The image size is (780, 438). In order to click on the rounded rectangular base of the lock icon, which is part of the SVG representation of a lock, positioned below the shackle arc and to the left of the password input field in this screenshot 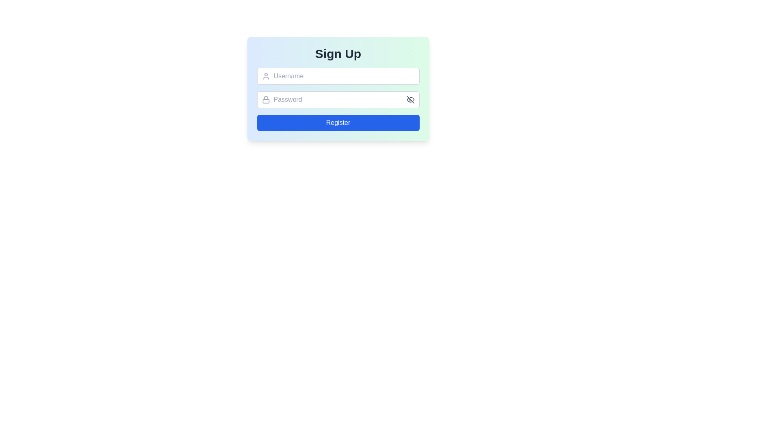, I will do `click(266, 101)`.